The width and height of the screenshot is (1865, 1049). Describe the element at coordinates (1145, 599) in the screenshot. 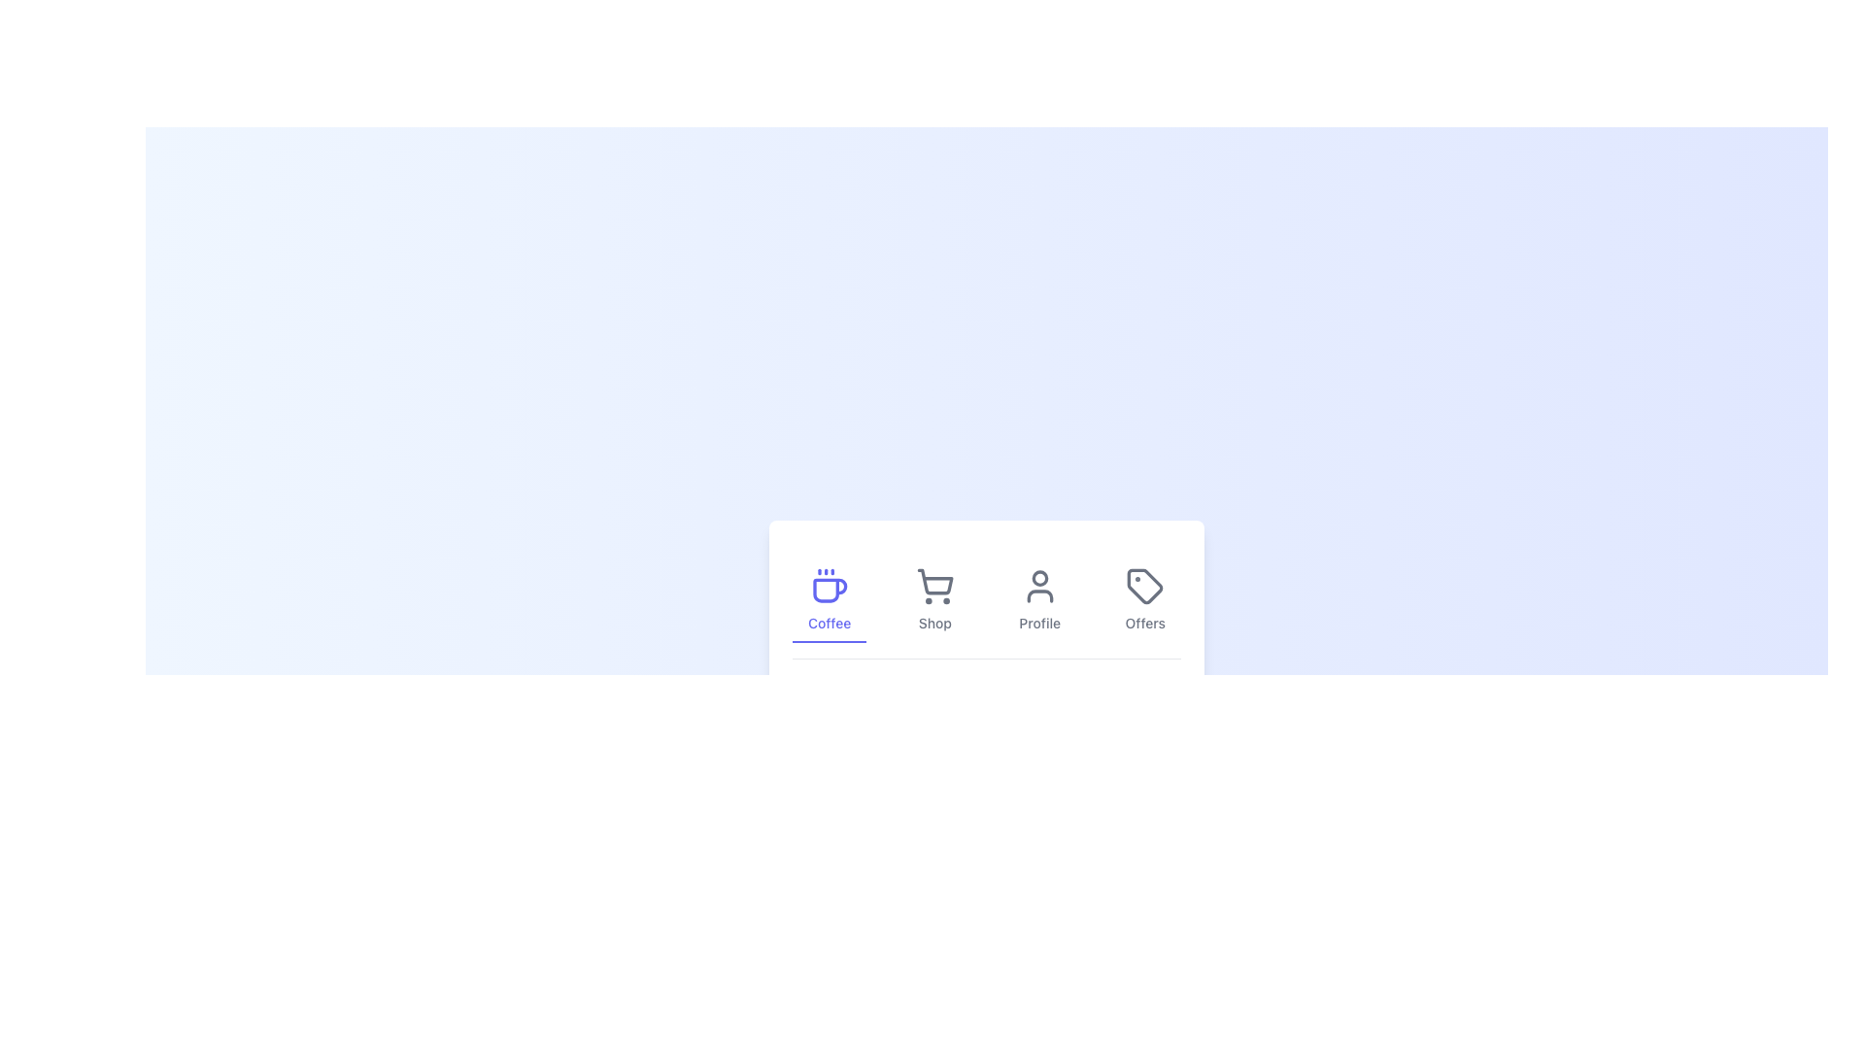

I see `the 'Offers' button in the horizontal menu bar to change its style` at that location.